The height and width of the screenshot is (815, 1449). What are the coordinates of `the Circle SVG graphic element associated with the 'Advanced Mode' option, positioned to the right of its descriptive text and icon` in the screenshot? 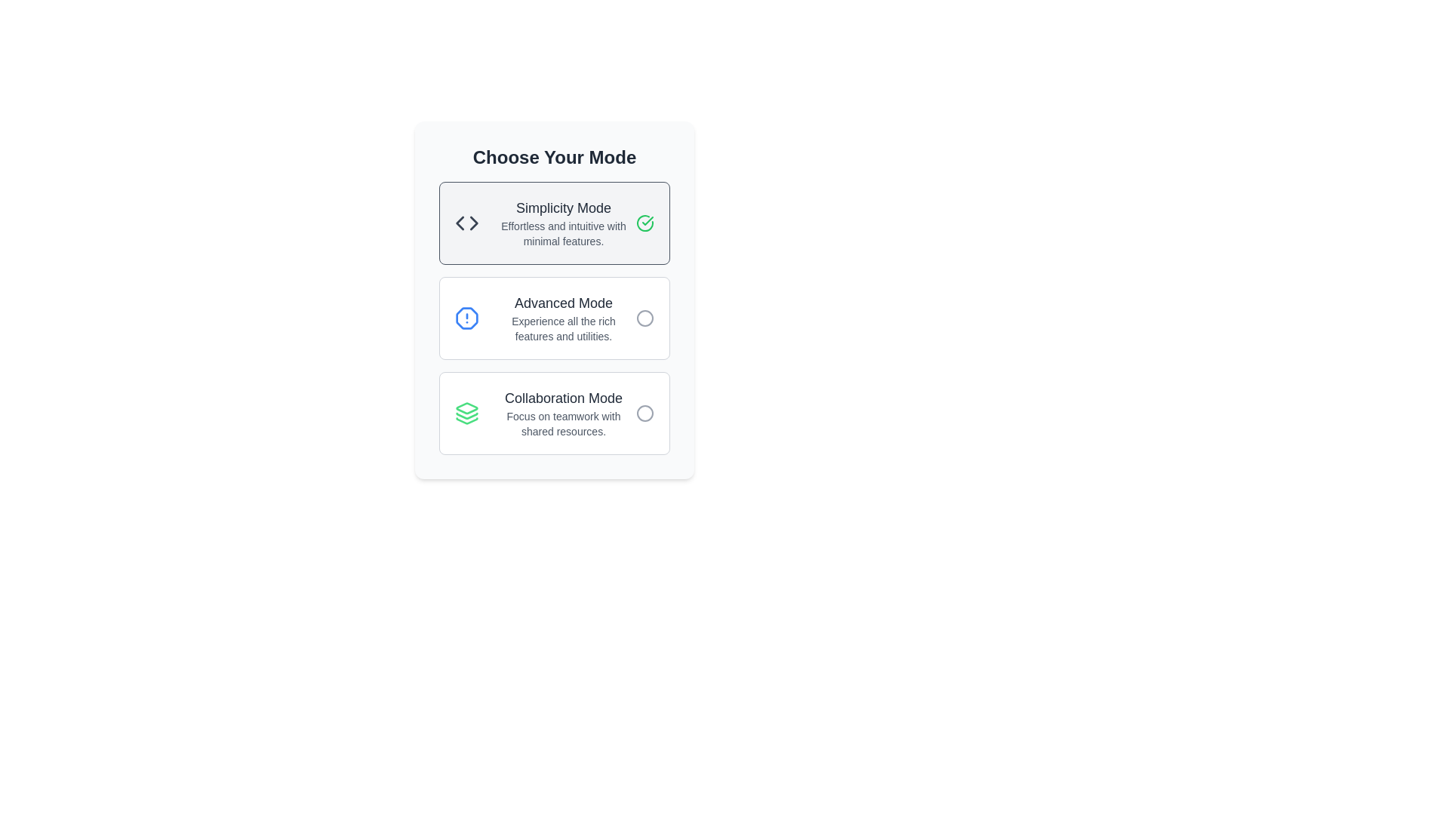 It's located at (645, 317).